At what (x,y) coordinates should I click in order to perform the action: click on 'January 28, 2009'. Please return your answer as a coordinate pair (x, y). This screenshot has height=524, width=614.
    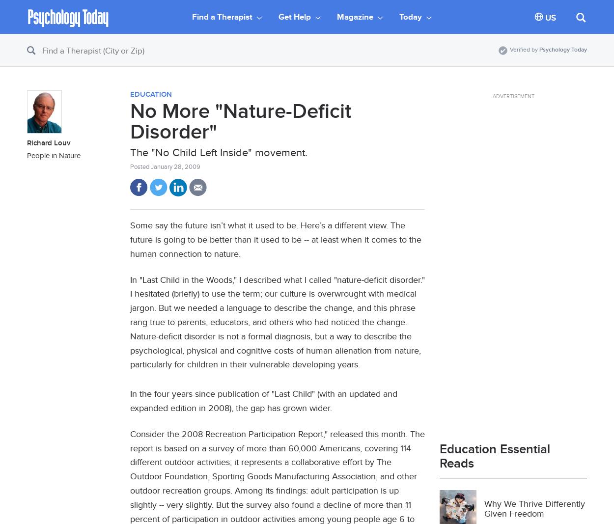
    Looking at the image, I should click on (175, 166).